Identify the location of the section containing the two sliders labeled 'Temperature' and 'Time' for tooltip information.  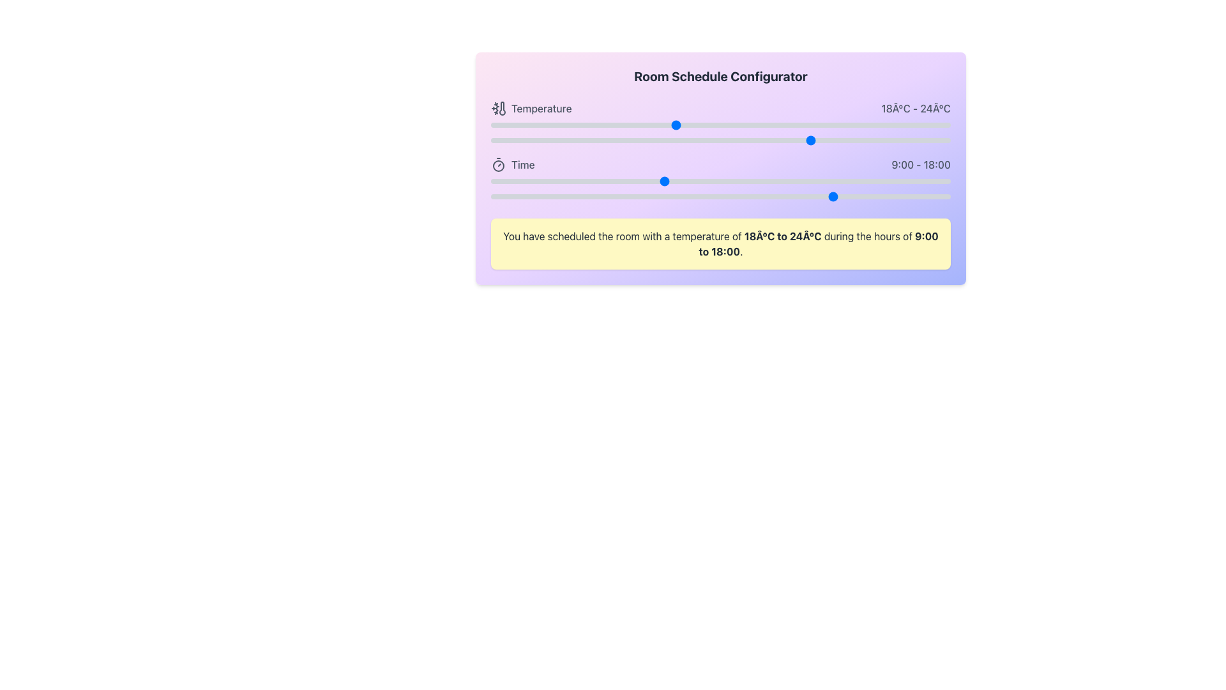
(720, 151).